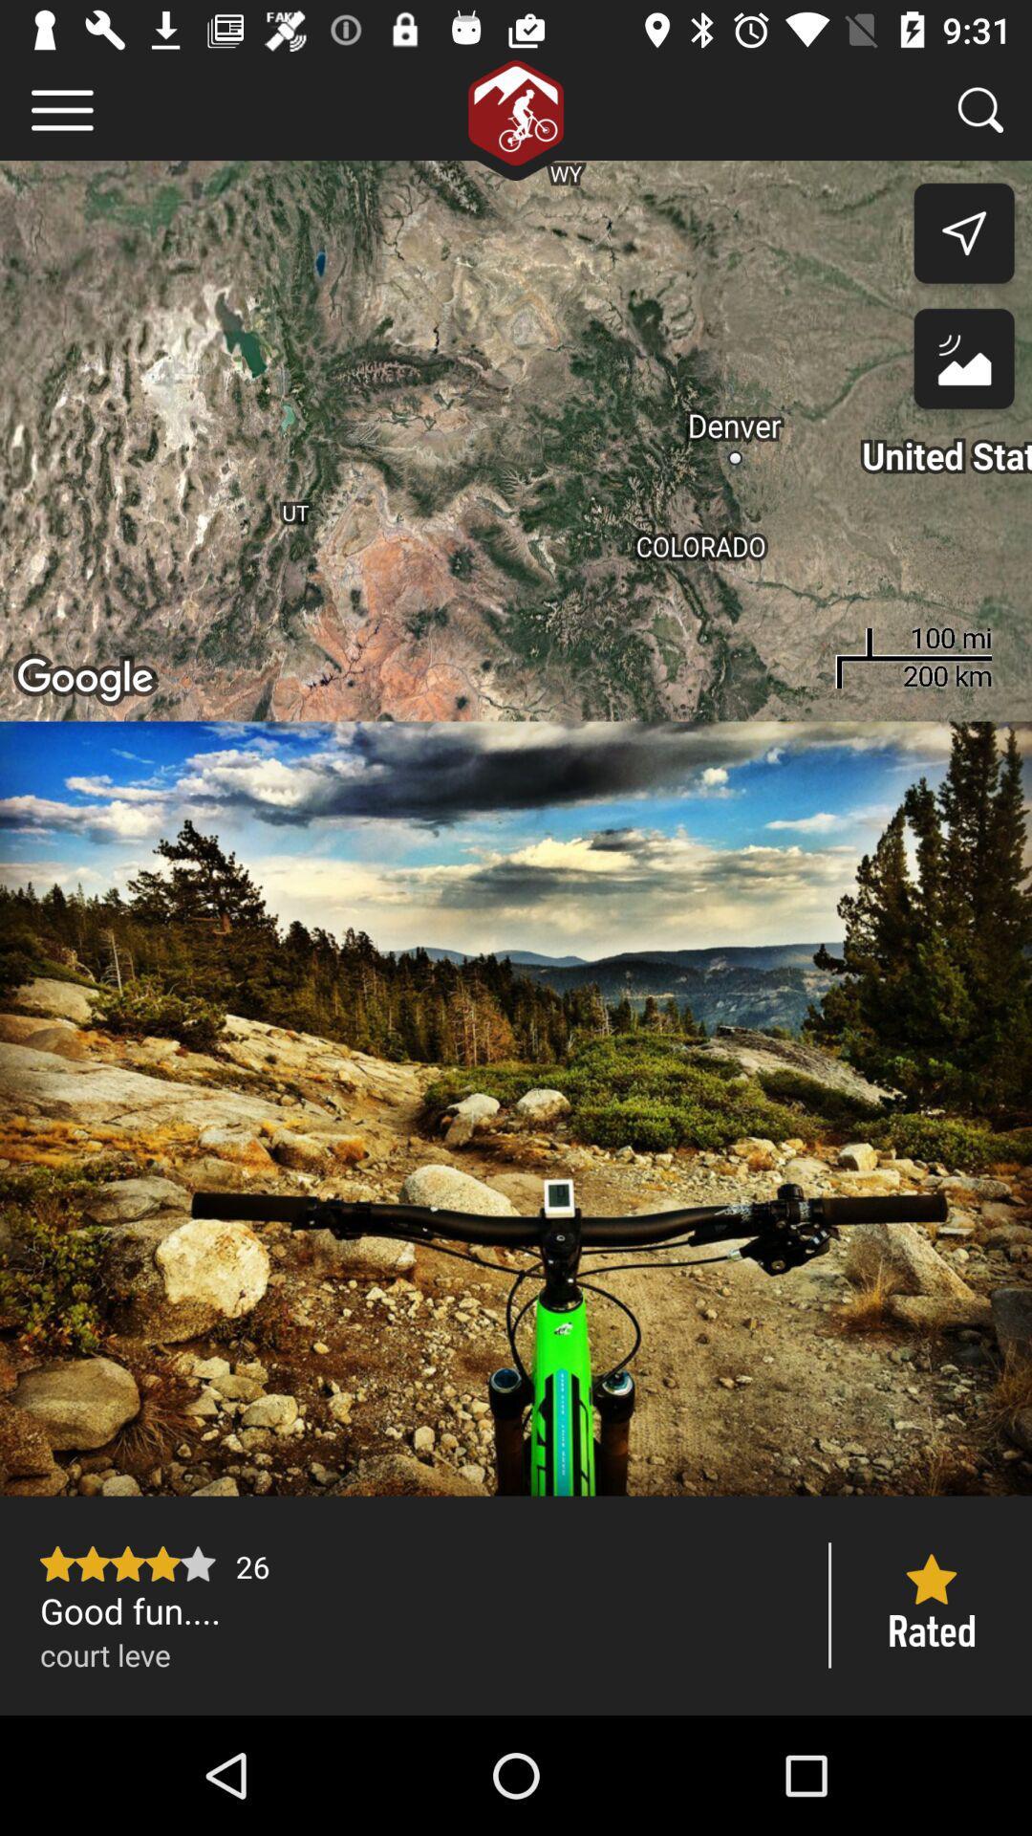  I want to click on the good fun...., so click(415, 1609).